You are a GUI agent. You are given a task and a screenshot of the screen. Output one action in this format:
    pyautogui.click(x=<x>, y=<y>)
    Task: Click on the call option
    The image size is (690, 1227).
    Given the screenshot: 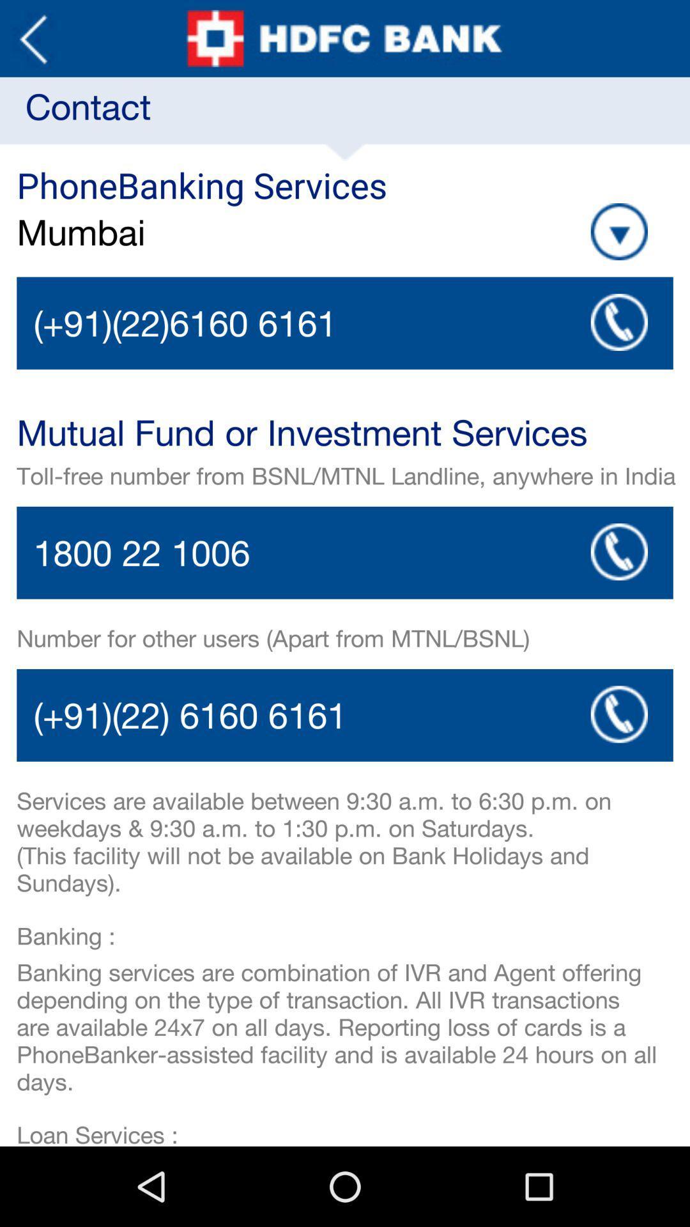 What is the action you would take?
    pyautogui.click(x=345, y=323)
    